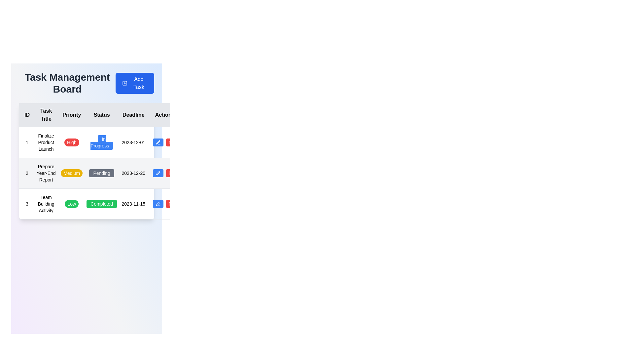 This screenshot has height=357, width=634. I want to click on the 'Add Task' button located towards the top-right corner of the Task Management Board interface, so click(134, 83).